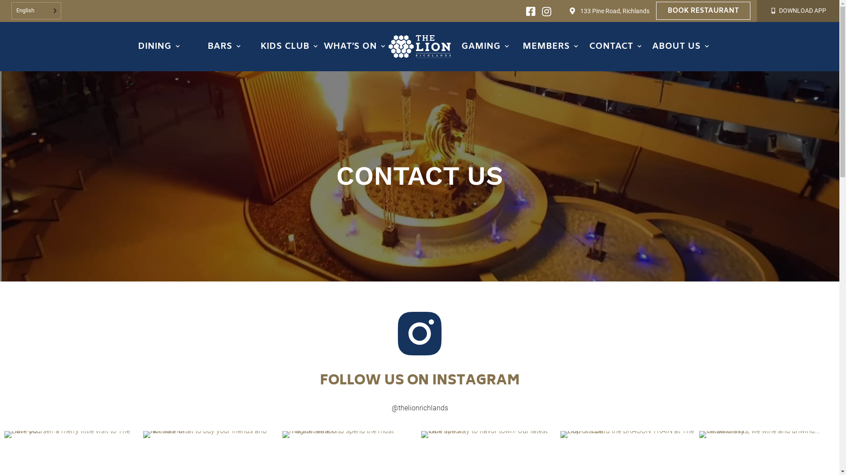 This screenshot has width=846, height=475. What do you see at coordinates (549, 46) in the screenshot?
I see `'MEMBERS'` at bounding box center [549, 46].